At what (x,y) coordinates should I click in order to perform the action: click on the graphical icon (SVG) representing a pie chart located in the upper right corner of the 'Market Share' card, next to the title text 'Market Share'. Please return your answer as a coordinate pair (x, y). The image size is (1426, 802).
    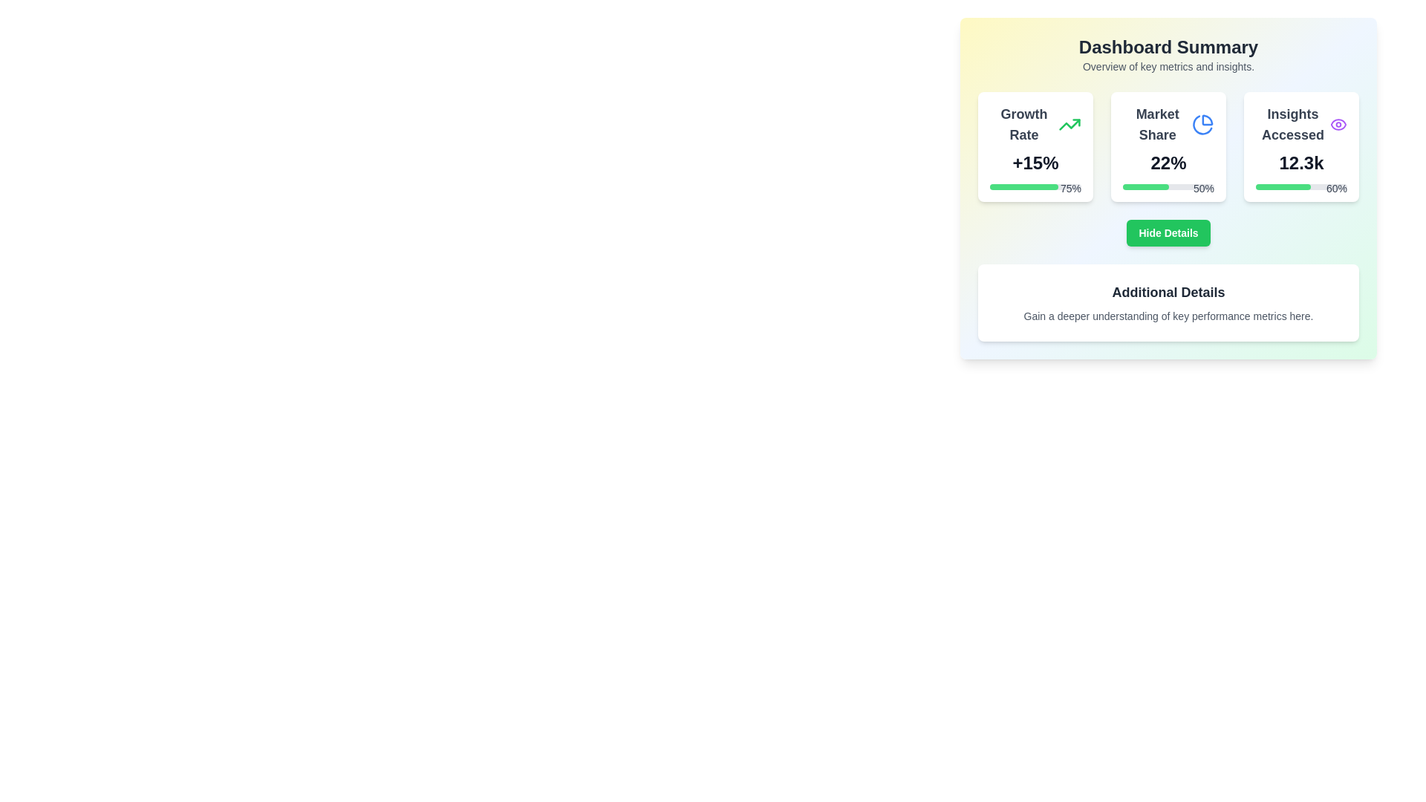
    Looking at the image, I should click on (1203, 124).